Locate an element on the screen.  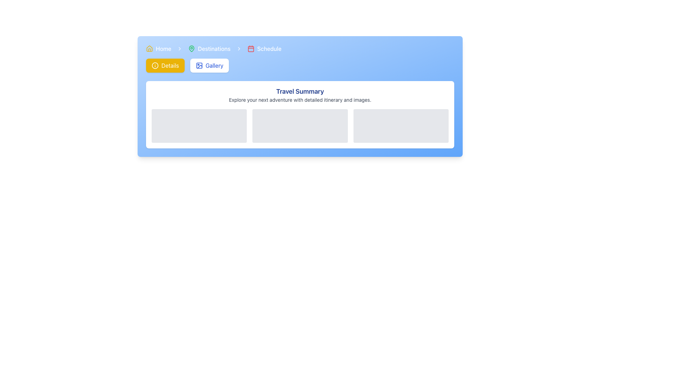
label of the text element displaying 'Destinations', which is part of a navigation breadcrumb and situated to the right of a green map pin icon is located at coordinates (214, 48).